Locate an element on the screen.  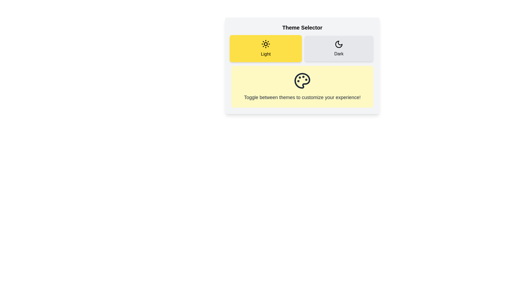
the SVG Circle that represents the core of the sun icon in the top-left section of the theme selector interface for the 'Light' theme option is located at coordinates (266, 44).